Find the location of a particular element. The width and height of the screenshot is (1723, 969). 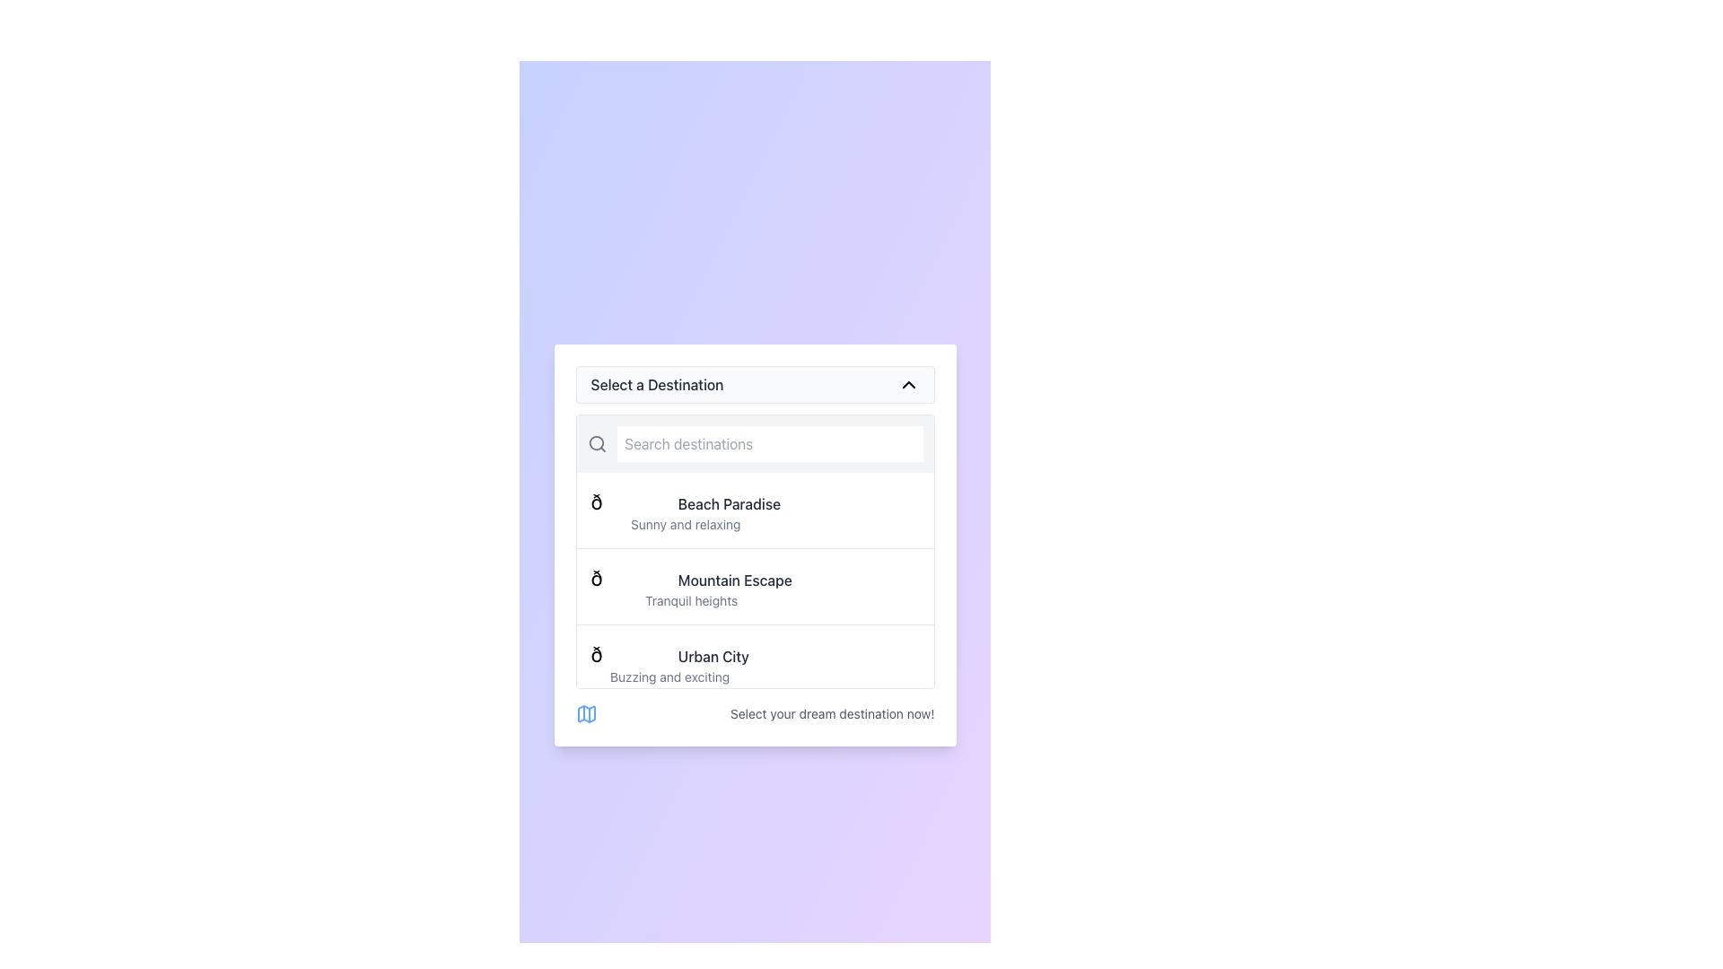

the second menu item in the list of destinations, located below 'Beach Paradise' and above 'Urban City' is located at coordinates (755, 586).